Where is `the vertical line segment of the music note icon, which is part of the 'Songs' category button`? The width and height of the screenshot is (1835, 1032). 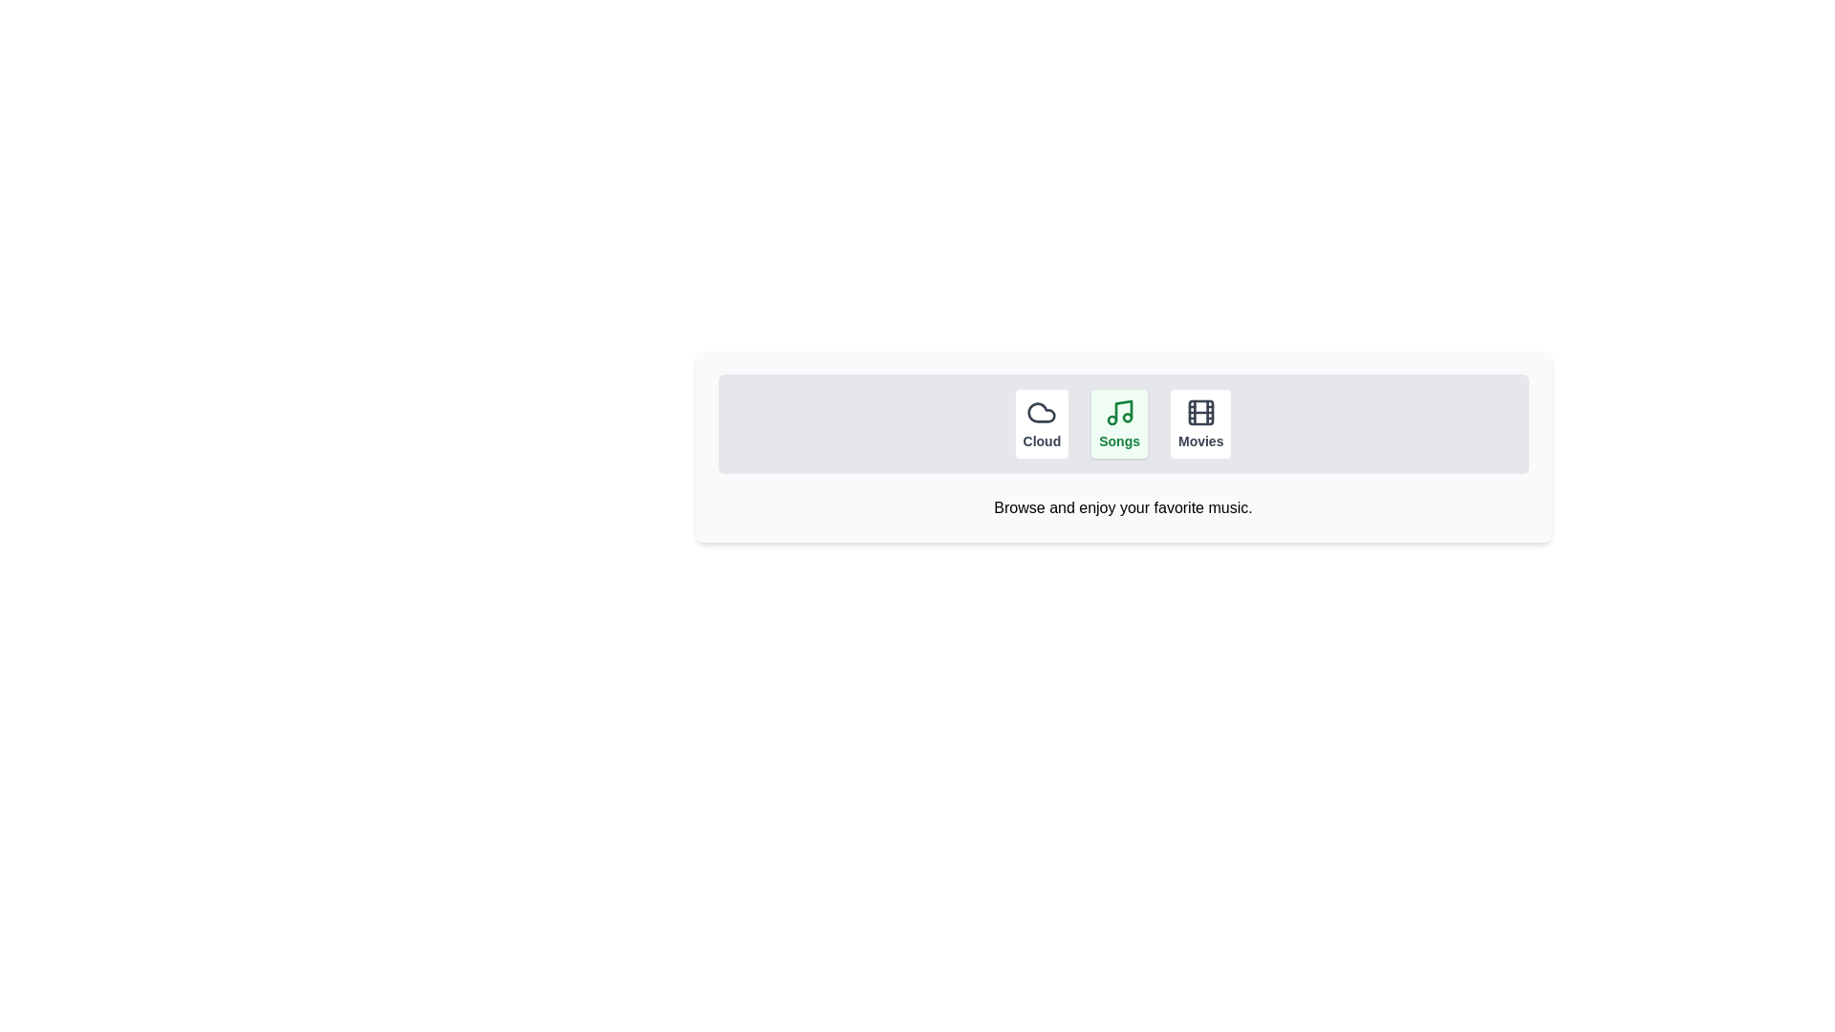
the vertical line segment of the music note icon, which is part of the 'Songs' category button is located at coordinates (1123, 409).